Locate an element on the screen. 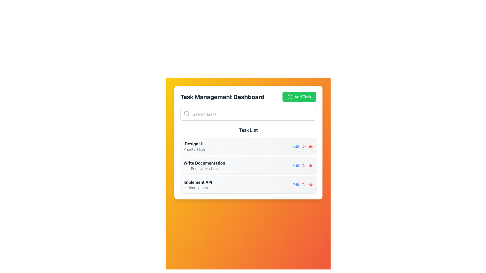  the text label displaying 'Implement API' with the smaller gray text 'Priority: Low' located in the third row of the task list area is located at coordinates (197, 185).